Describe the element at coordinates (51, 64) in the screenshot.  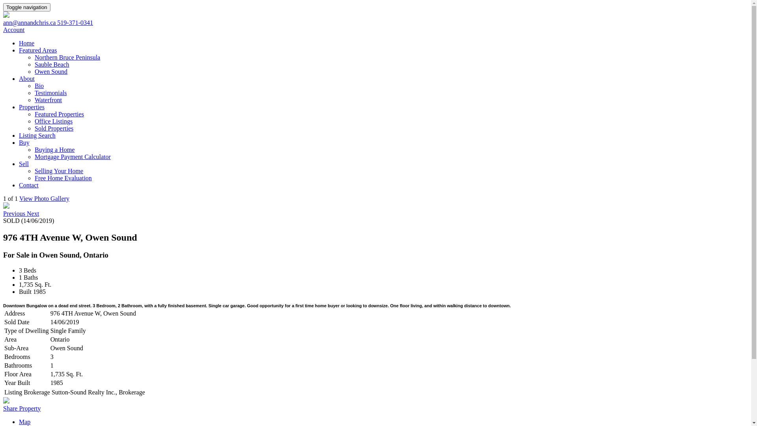
I see `'Sauble Beach'` at that location.